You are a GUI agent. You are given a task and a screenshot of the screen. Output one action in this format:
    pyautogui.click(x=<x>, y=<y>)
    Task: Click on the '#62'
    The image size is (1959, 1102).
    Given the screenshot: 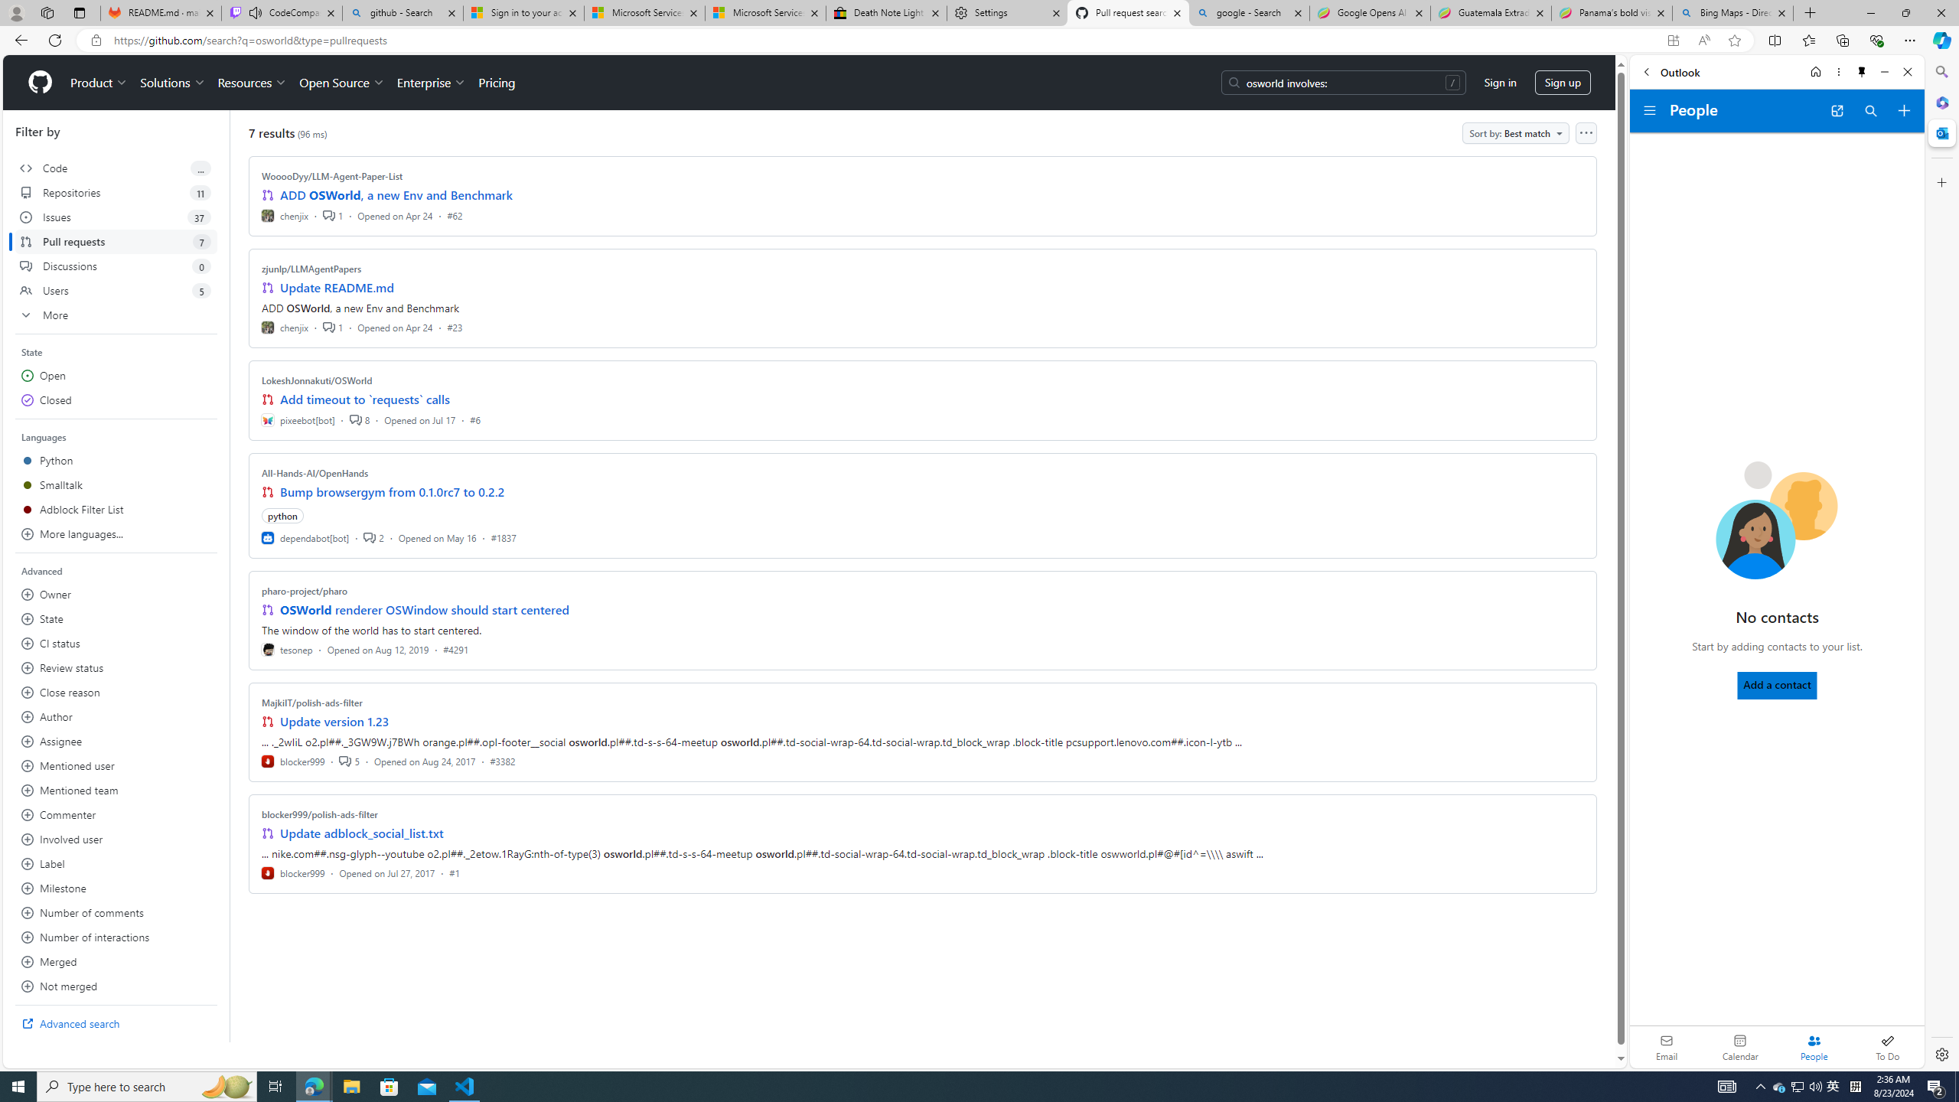 What is the action you would take?
    pyautogui.click(x=453, y=214)
    